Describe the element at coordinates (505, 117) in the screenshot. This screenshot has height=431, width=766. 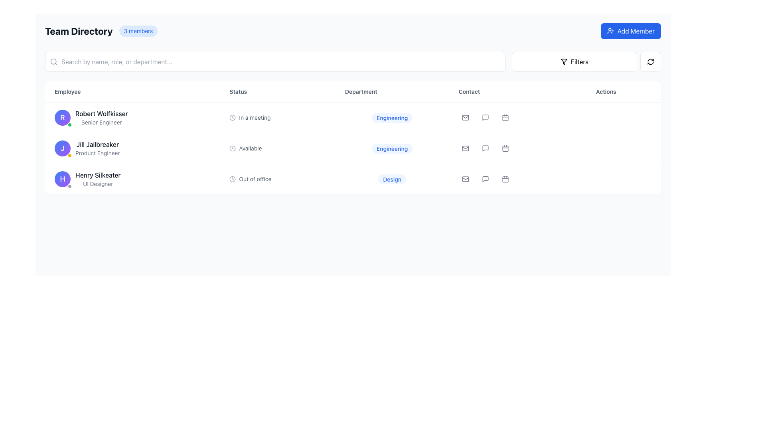
I see `the calendar icon in the 'Actions' column of the row for employee 'Jill Jailbreaker'` at that location.